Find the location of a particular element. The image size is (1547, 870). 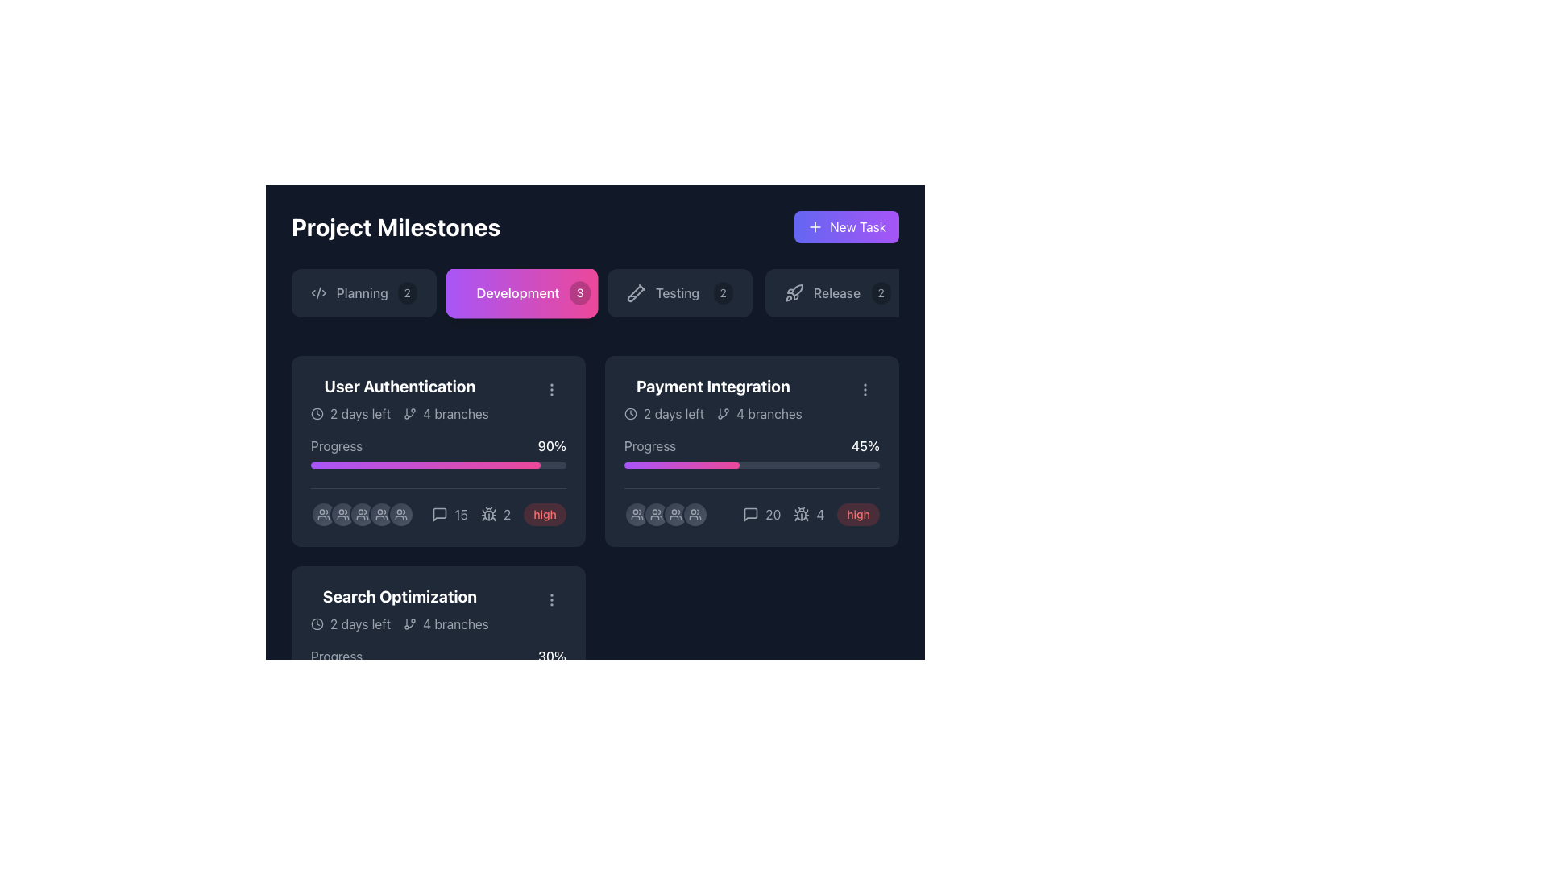

the fifth circular Icon Button in the 'Payment Integration' panel is located at coordinates (695, 515).